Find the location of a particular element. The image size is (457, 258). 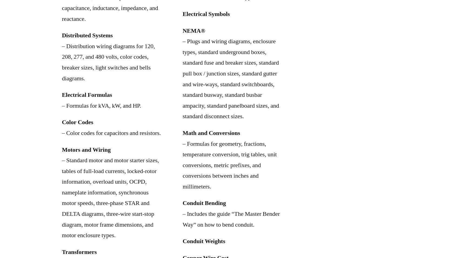

'– Distribution wiring diagrams for 120, 208, 277, and 480 volts, color codes, breaker sizes, light switches and bells diagrams.' is located at coordinates (108, 62).